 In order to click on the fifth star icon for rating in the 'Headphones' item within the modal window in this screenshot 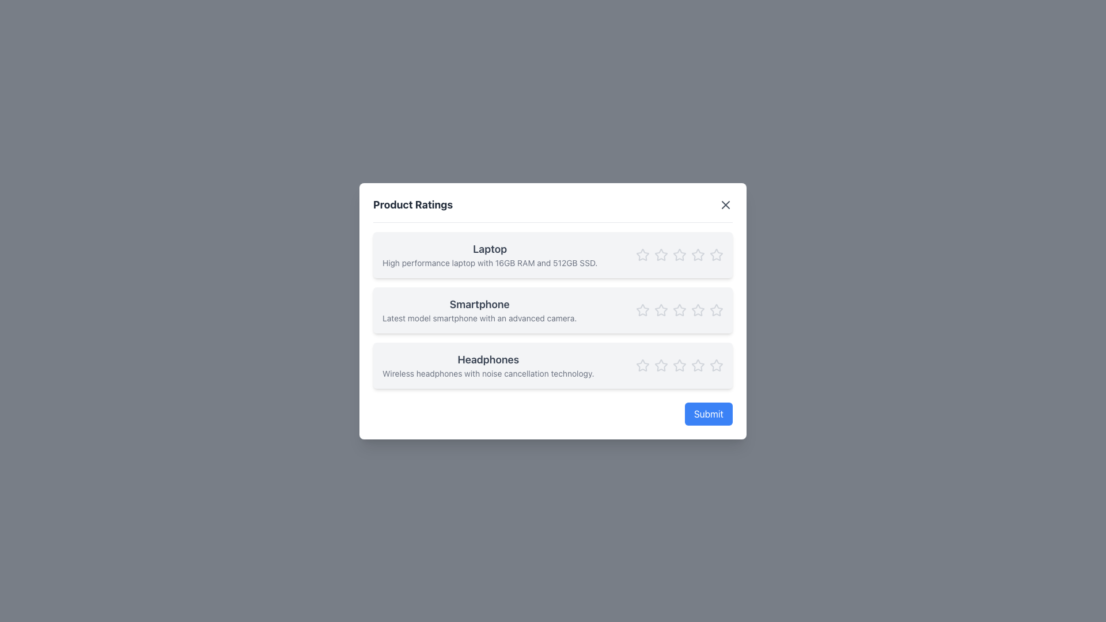, I will do `click(680, 365)`.